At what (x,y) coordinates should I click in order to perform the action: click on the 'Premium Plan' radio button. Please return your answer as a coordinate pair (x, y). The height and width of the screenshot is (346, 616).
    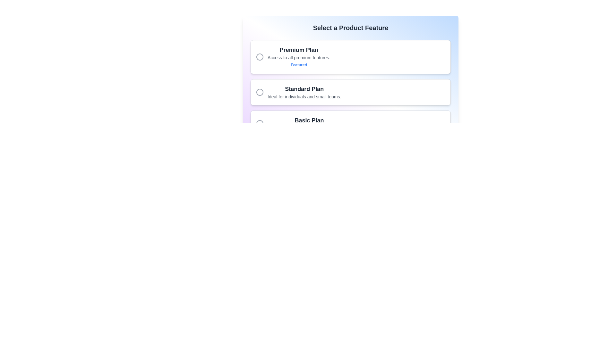
    Looking at the image, I should click on (350, 56).